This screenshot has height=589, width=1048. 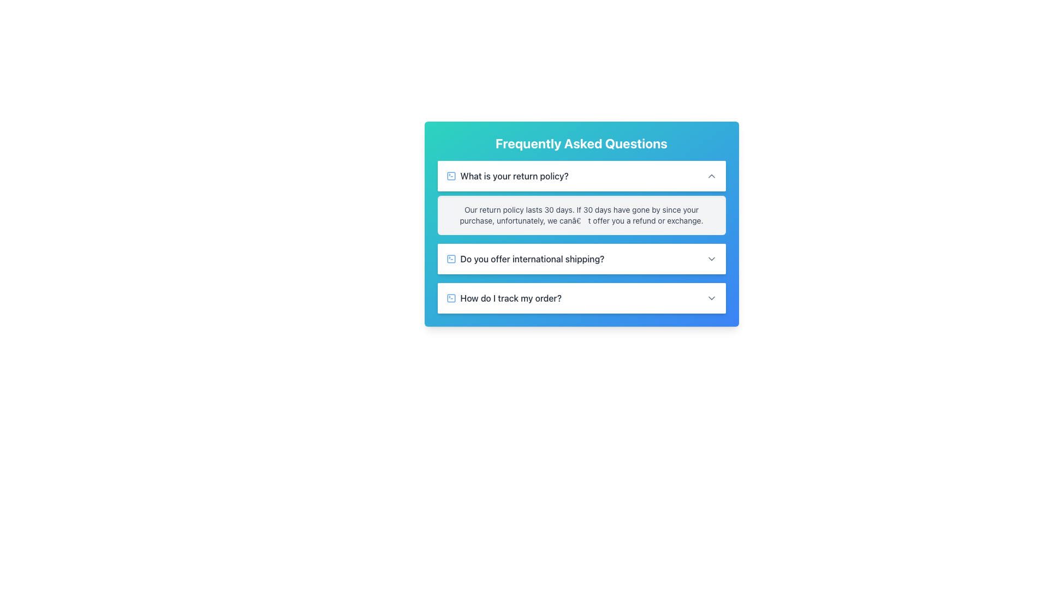 I want to click on displayed information from the Text Display Field located below the FAQ question 'What is your return policy?', so click(x=581, y=237).